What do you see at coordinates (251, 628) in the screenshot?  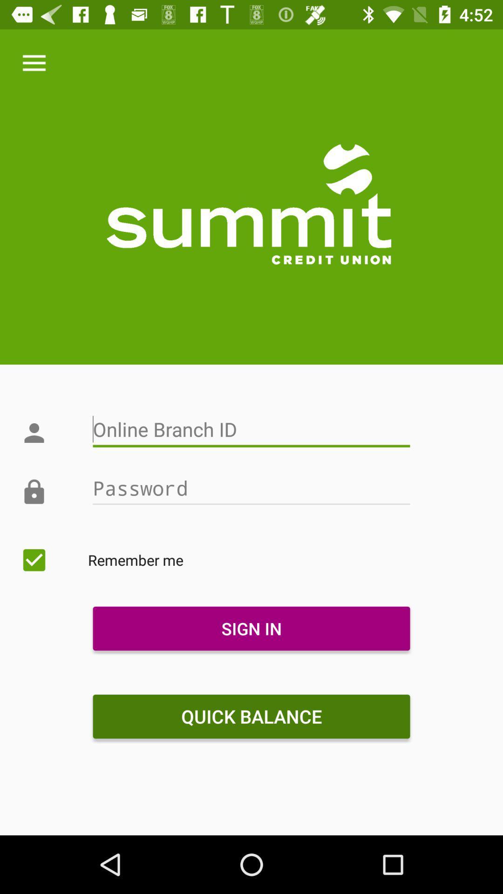 I see `sign in` at bounding box center [251, 628].